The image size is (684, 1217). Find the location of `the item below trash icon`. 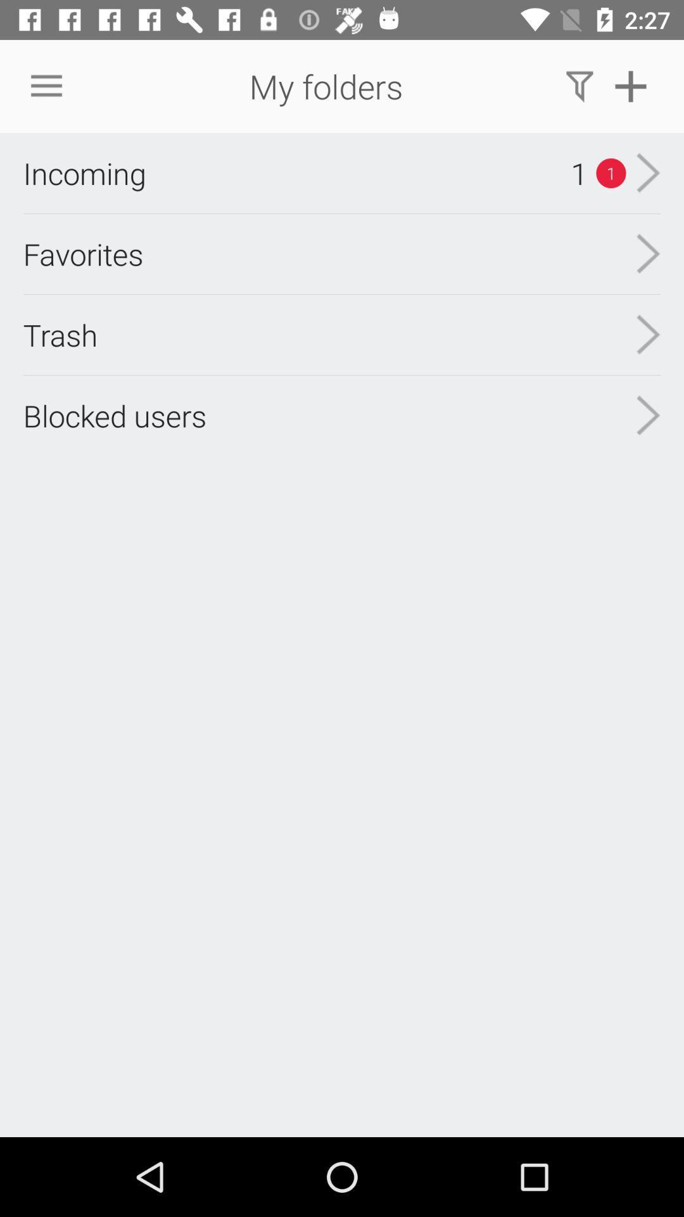

the item below trash icon is located at coordinates (115, 415).